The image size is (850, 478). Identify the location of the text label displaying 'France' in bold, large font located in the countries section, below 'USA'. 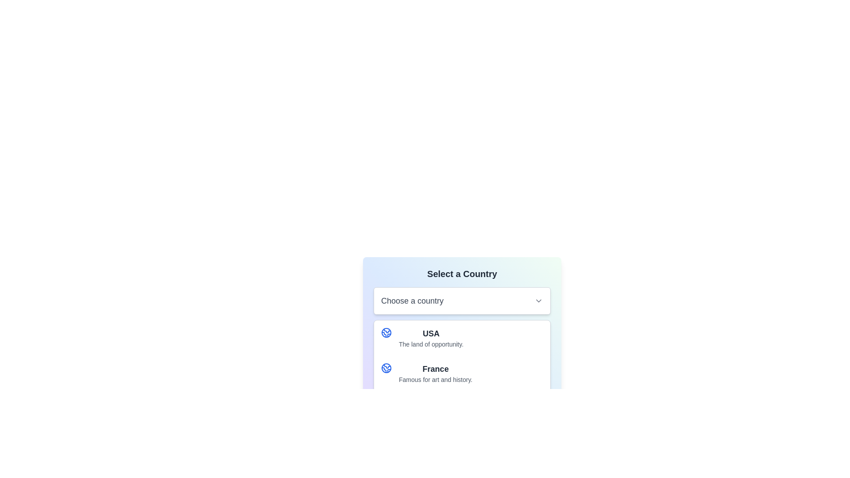
(436, 369).